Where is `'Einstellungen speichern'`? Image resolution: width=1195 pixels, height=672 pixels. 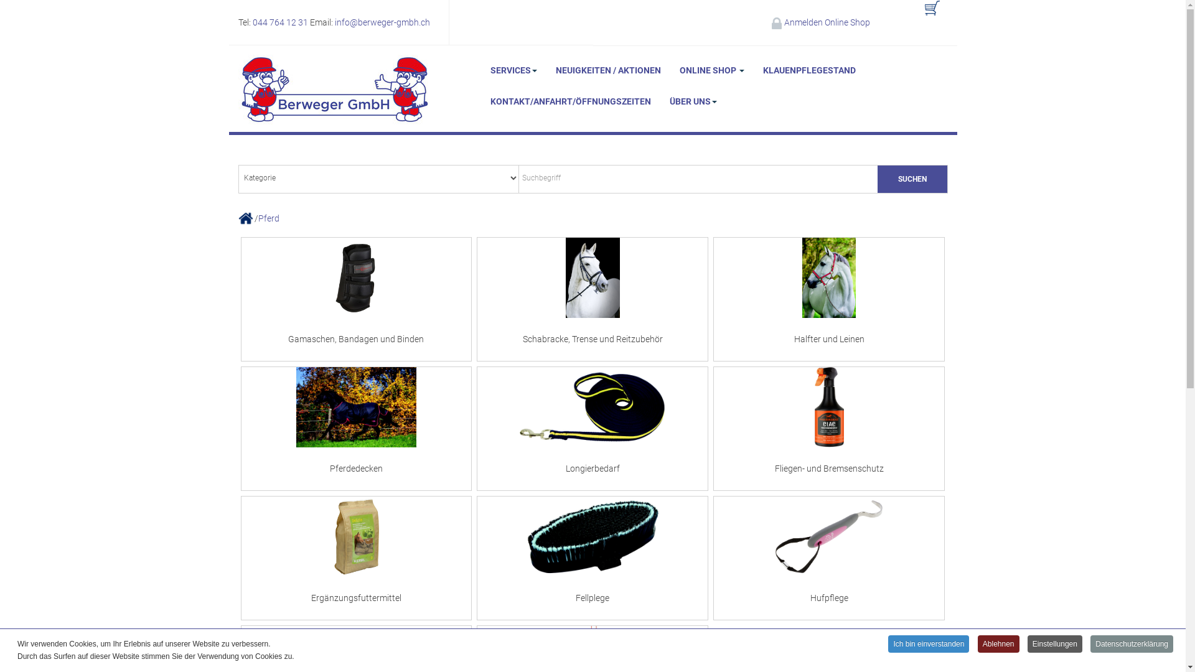
'Einstellungen speichern' is located at coordinates (711, 444).